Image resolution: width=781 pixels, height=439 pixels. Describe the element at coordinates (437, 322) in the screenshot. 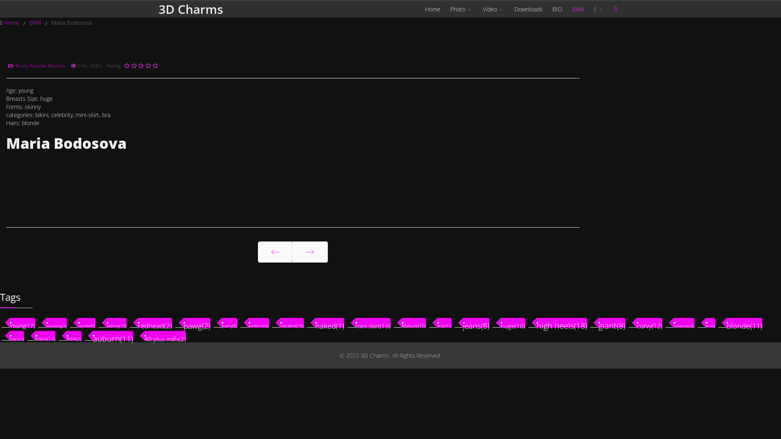

I see `'large(11)'` at that location.